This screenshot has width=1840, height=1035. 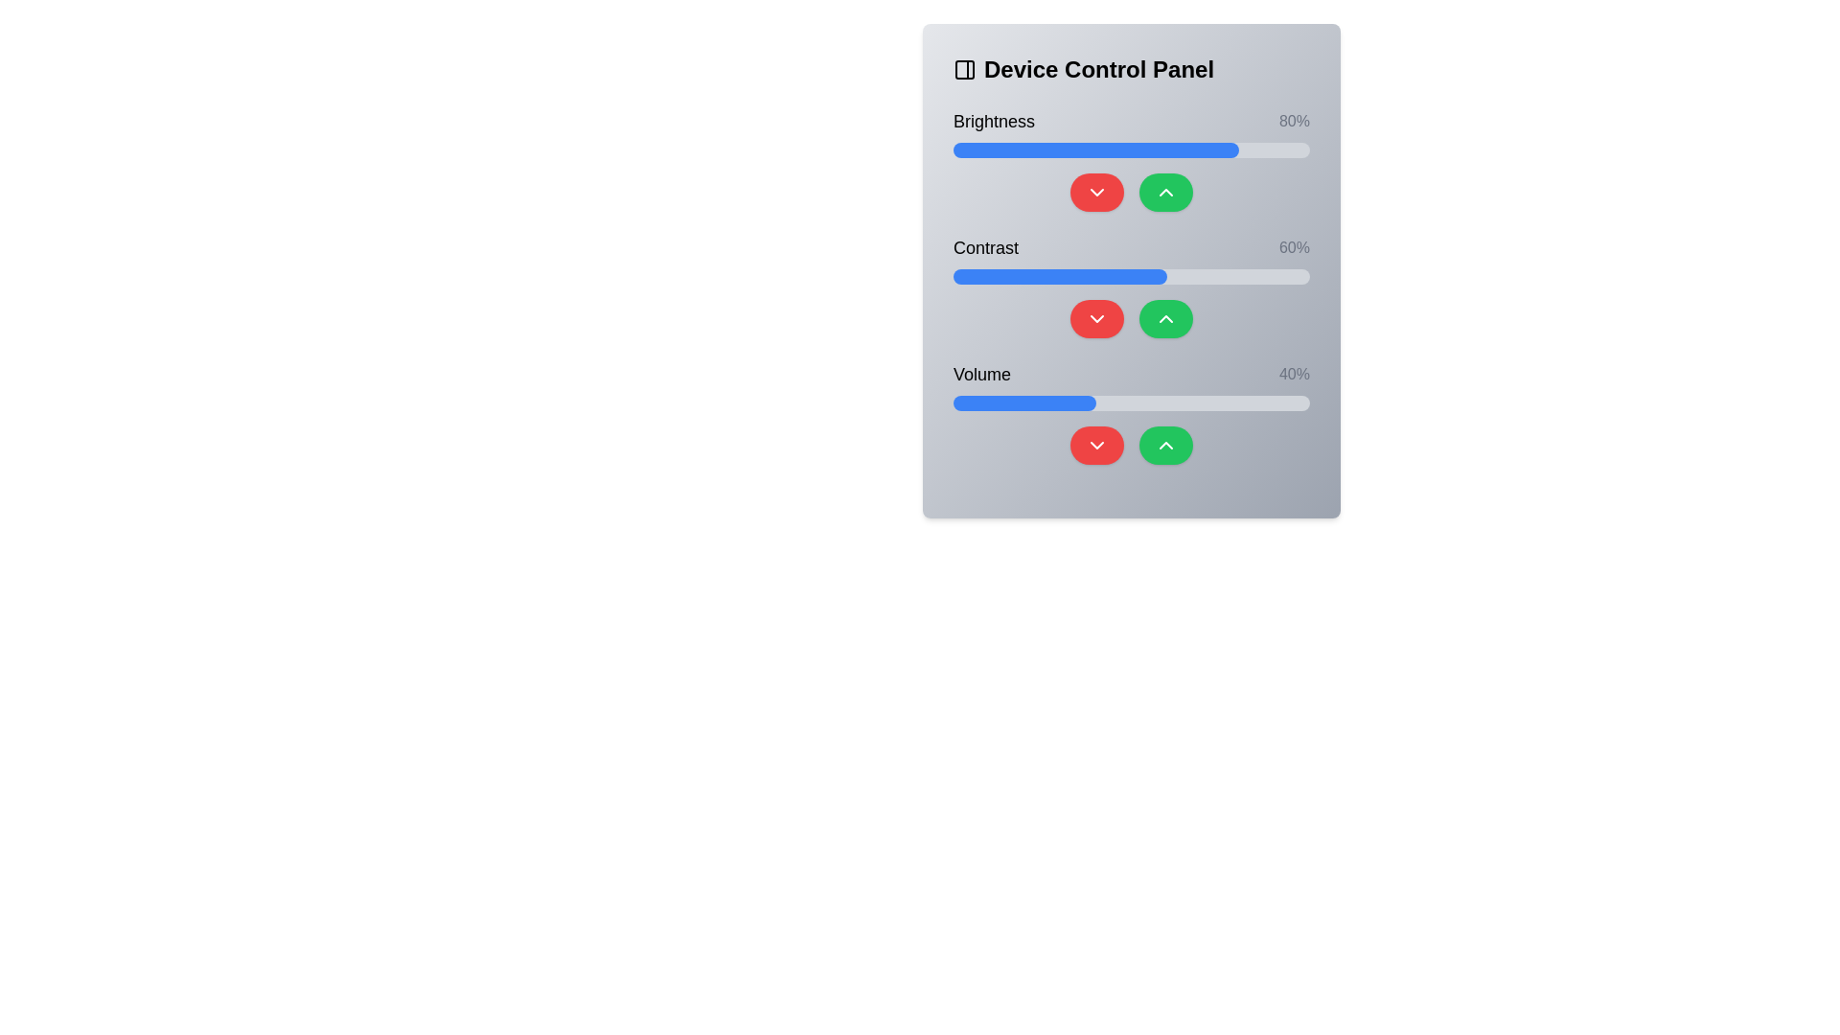 I want to click on the progress of the slider, so click(x=1038, y=402).